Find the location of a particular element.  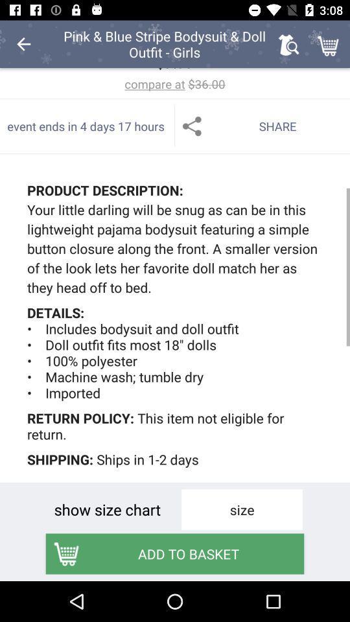

the icon next to event ends in icon is located at coordinates (262, 126).